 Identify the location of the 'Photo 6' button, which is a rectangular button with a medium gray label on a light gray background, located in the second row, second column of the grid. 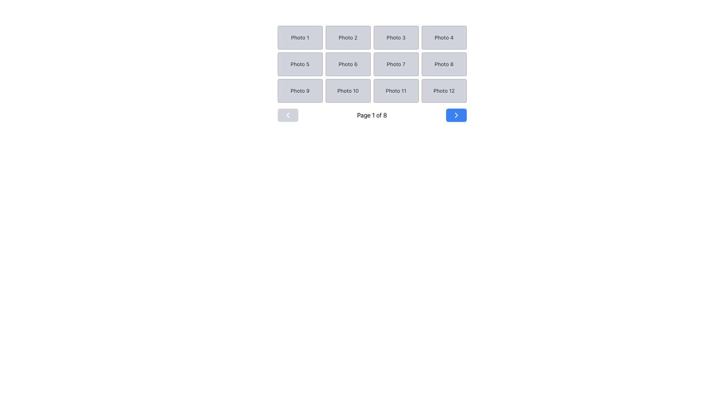
(347, 64).